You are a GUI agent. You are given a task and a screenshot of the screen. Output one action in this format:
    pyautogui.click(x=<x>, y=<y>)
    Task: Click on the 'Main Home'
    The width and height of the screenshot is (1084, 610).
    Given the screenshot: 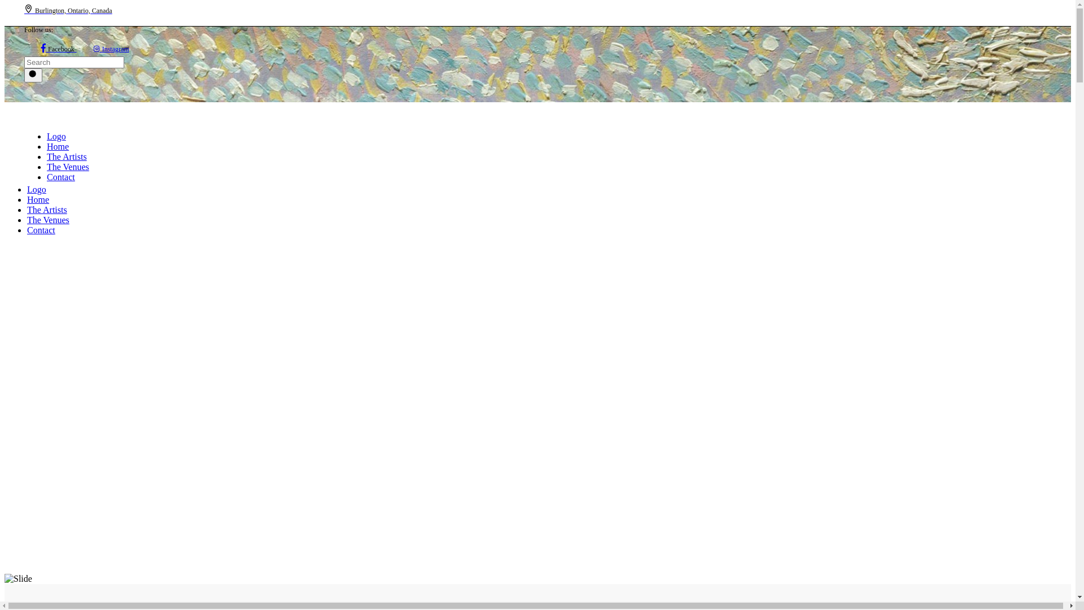 What is the action you would take?
    pyautogui.click(x=18, y=579)
    